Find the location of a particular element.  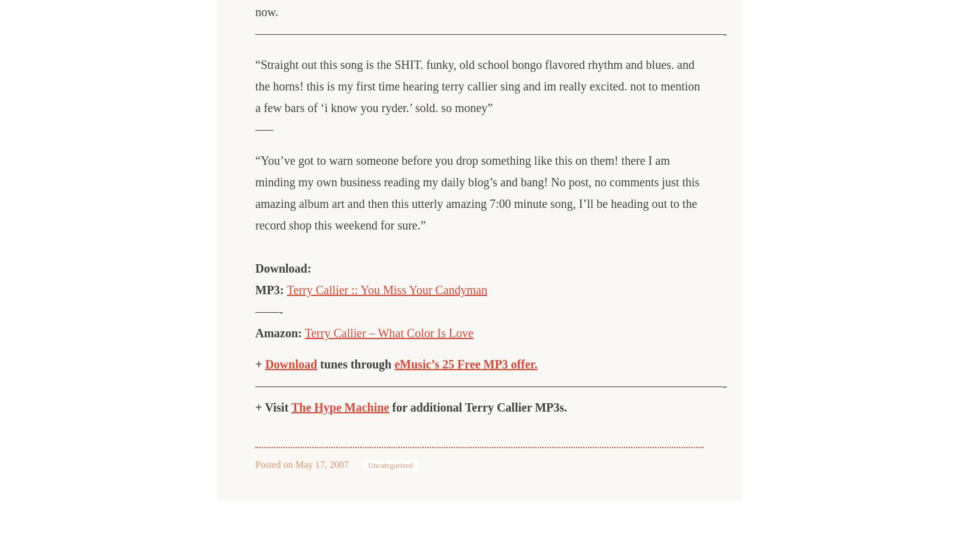

'Download:' is located at coordinates (282, 268).